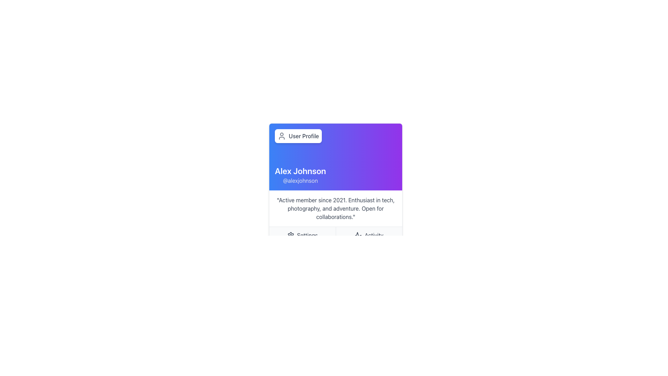 Image resolution: width=668 pixels, height=376 pixels. What do you see at coordinates (304, 136) in the screenshot?
I see `the 'User Profile' text label, which is styled in a bold gray font and located in the upper-left corner of the user profile section, next to the user icon` at bounding box center [304, 136].